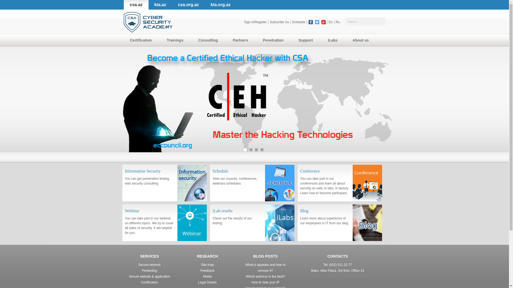 The height and width of the screenshot is (288, 513). Describe the element at coordinates (207, 270) in the screenshot. I see `'Feedback'` at that location.